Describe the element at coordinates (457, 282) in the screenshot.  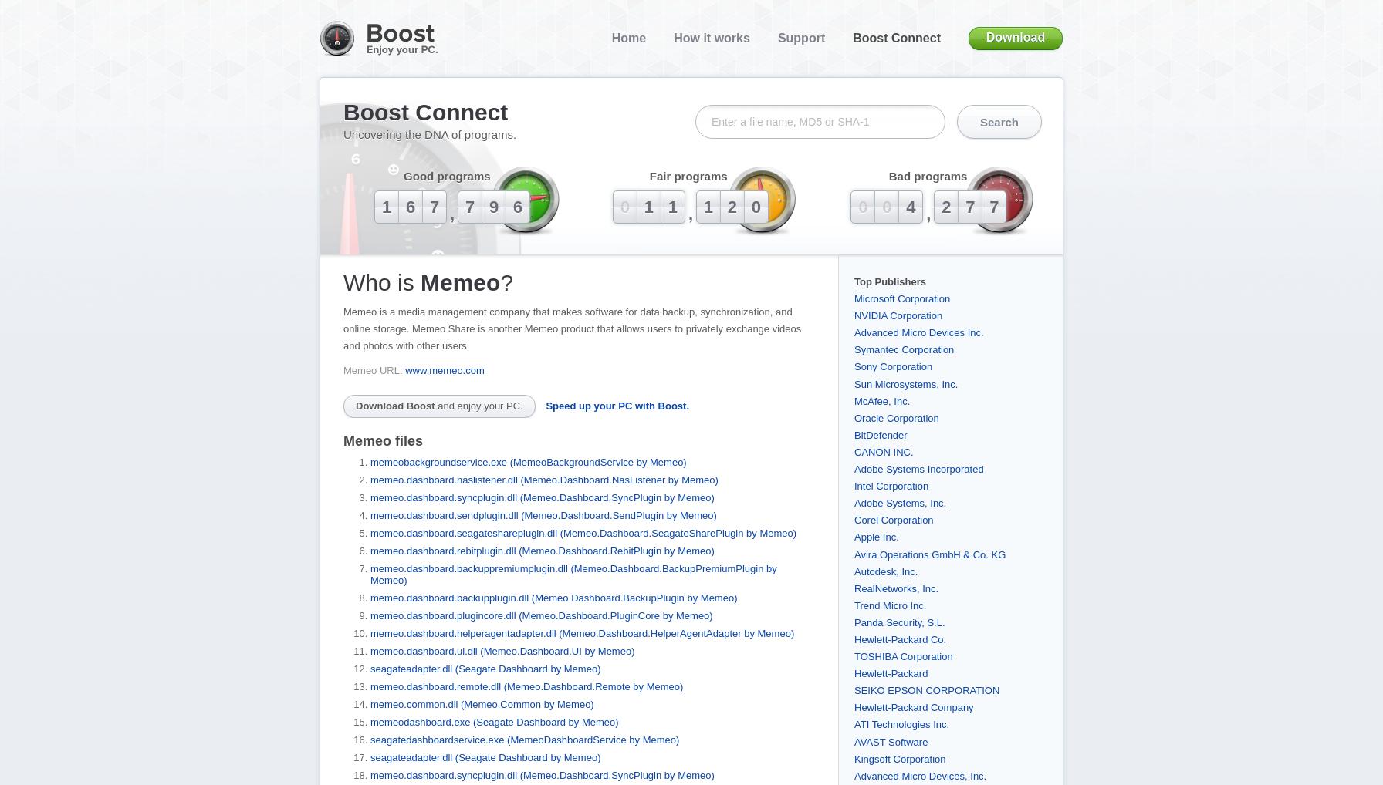
I see `'Memeo'` at that location.